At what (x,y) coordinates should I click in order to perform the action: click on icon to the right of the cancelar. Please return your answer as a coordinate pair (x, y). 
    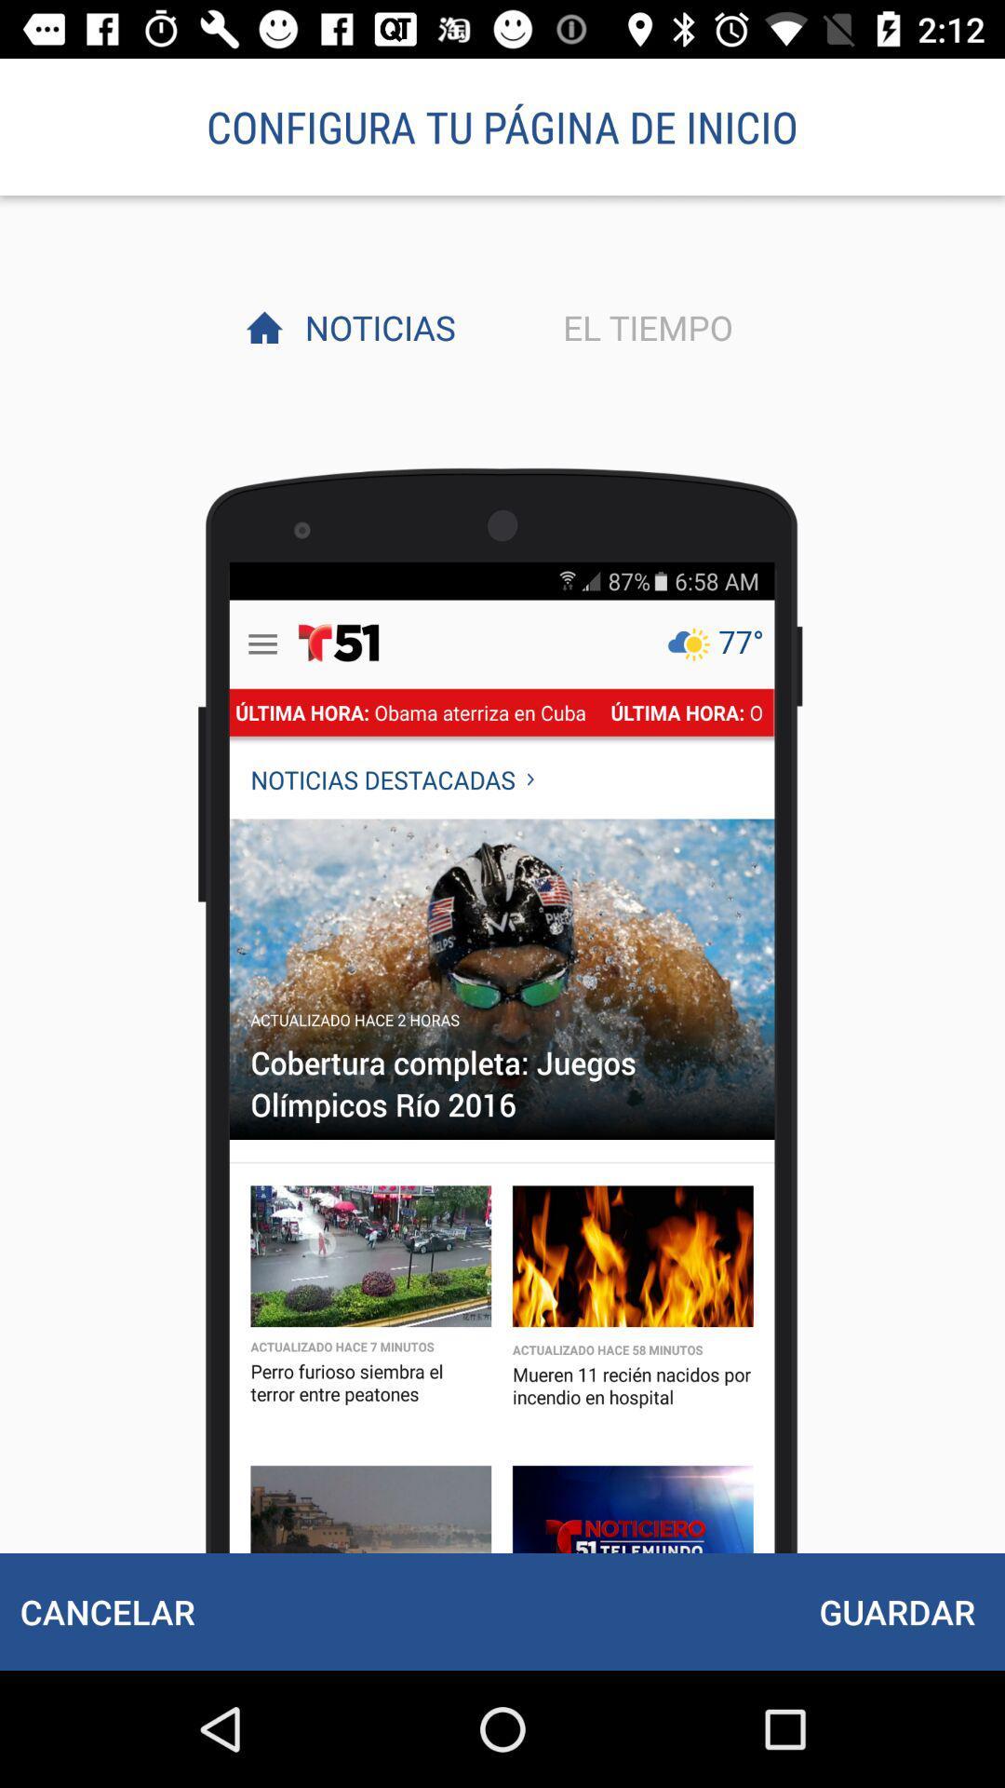
    Looking at the image, I should click on (896, 1611).